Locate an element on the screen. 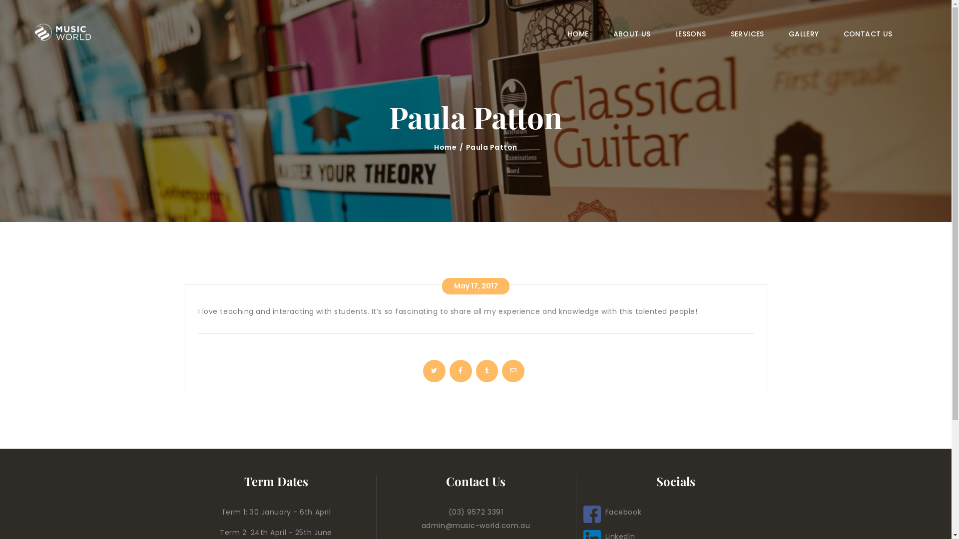 The height and width of the screenshot is (539, 959). 'GALLERY' is located at coordinates (776, 33).